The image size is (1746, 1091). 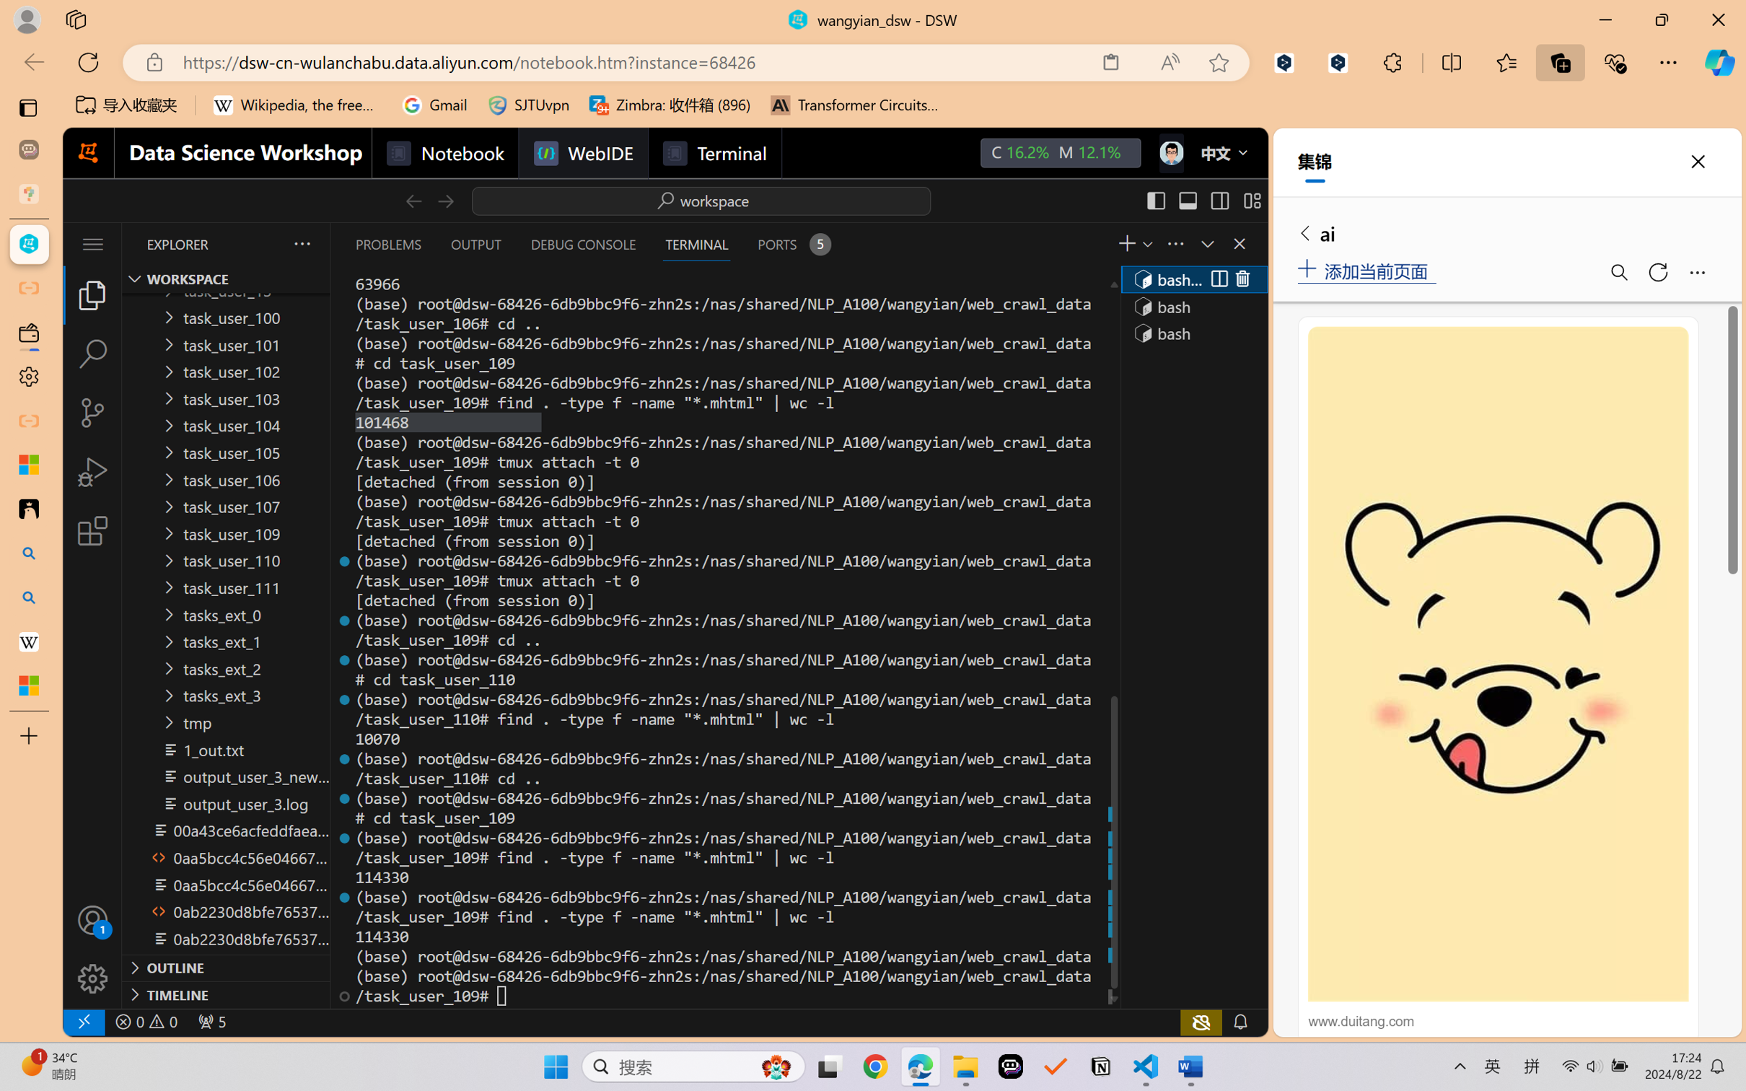 I want to click on 'Problems (Ctrl+Shift+M)', so click(x=387, y=243).